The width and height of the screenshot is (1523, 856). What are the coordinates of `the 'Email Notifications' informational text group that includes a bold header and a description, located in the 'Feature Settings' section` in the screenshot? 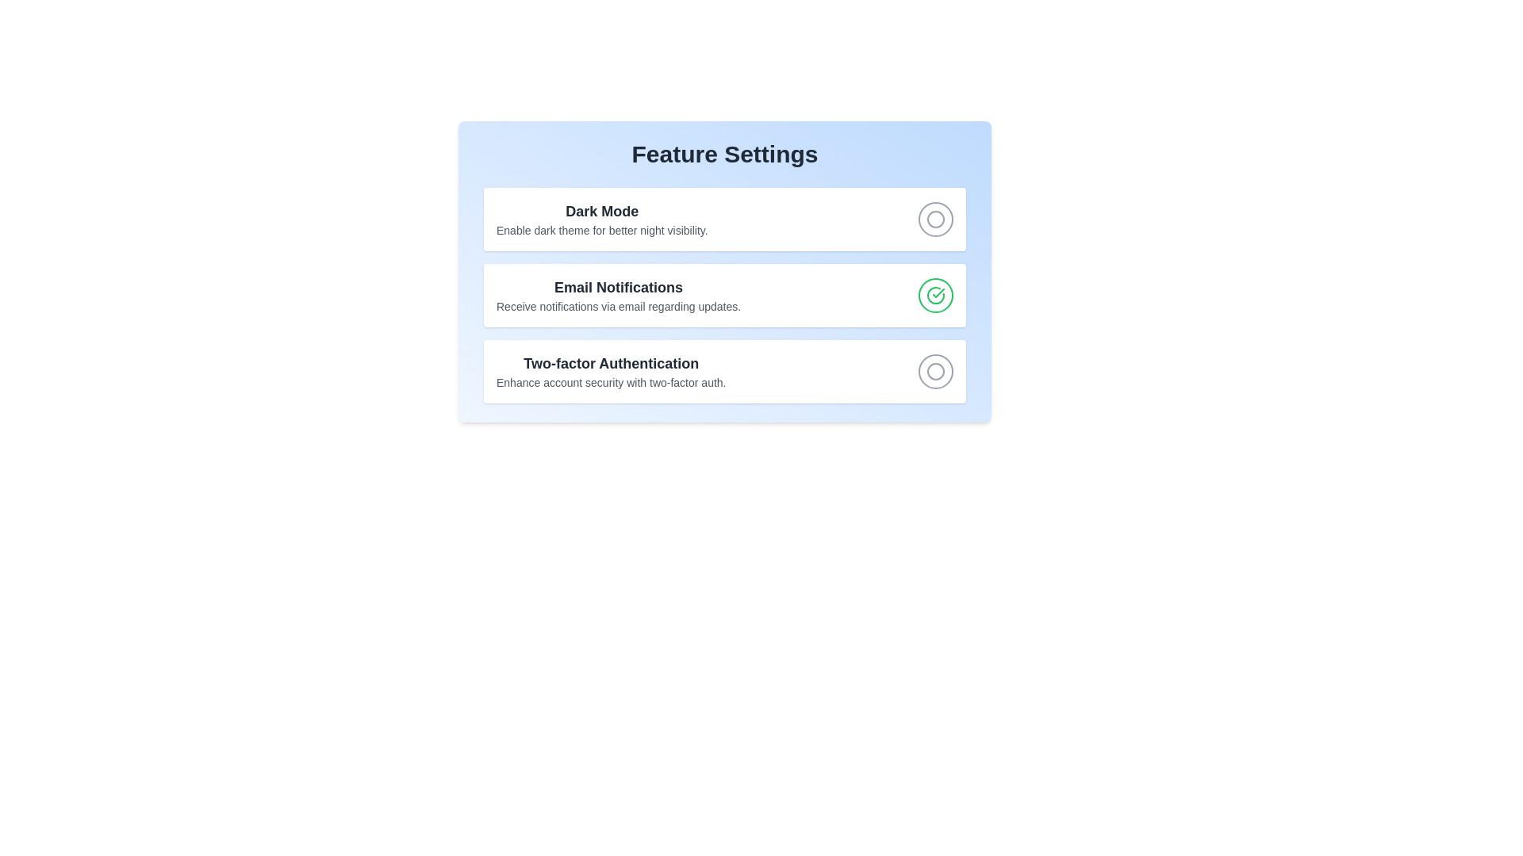 It's located at (618, 296).